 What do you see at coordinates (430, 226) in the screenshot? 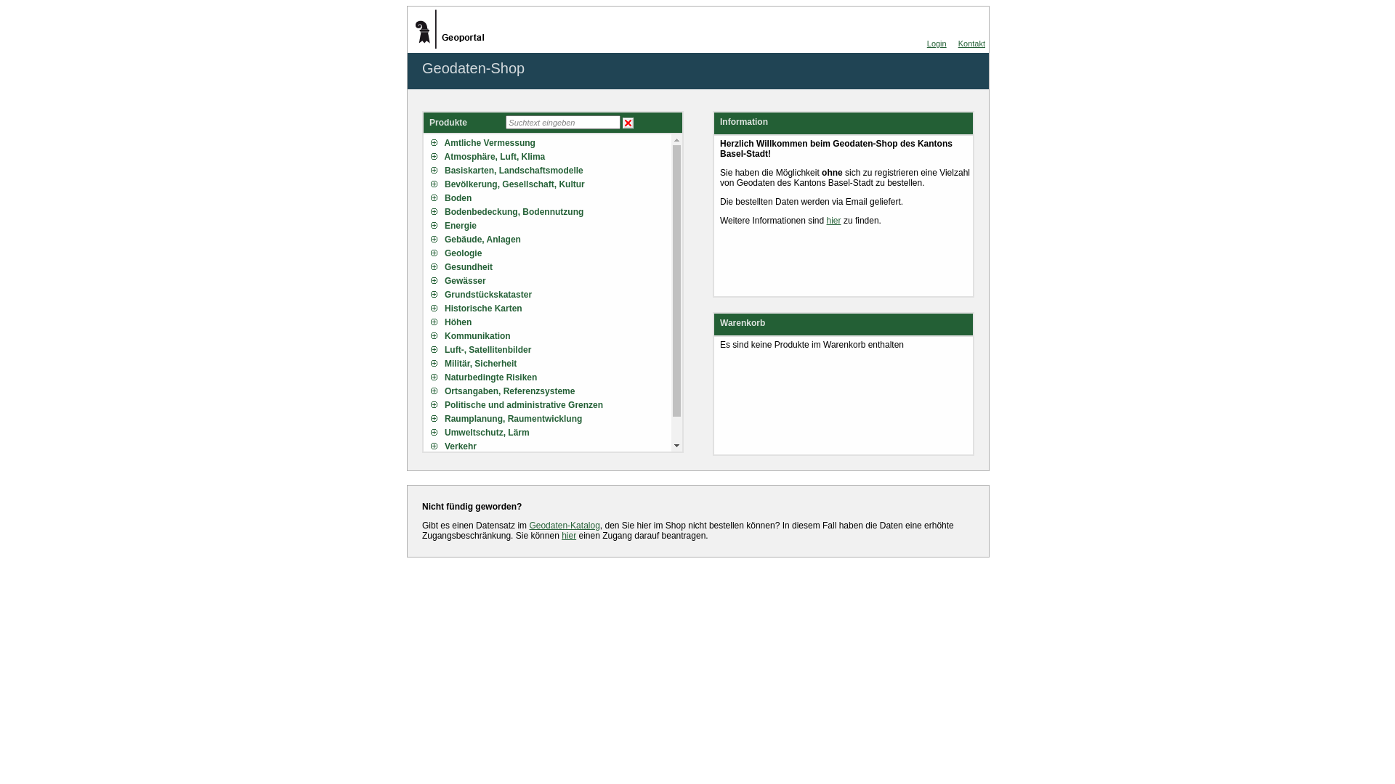
I see `'   Energie'` at bounding box center [430, 226].